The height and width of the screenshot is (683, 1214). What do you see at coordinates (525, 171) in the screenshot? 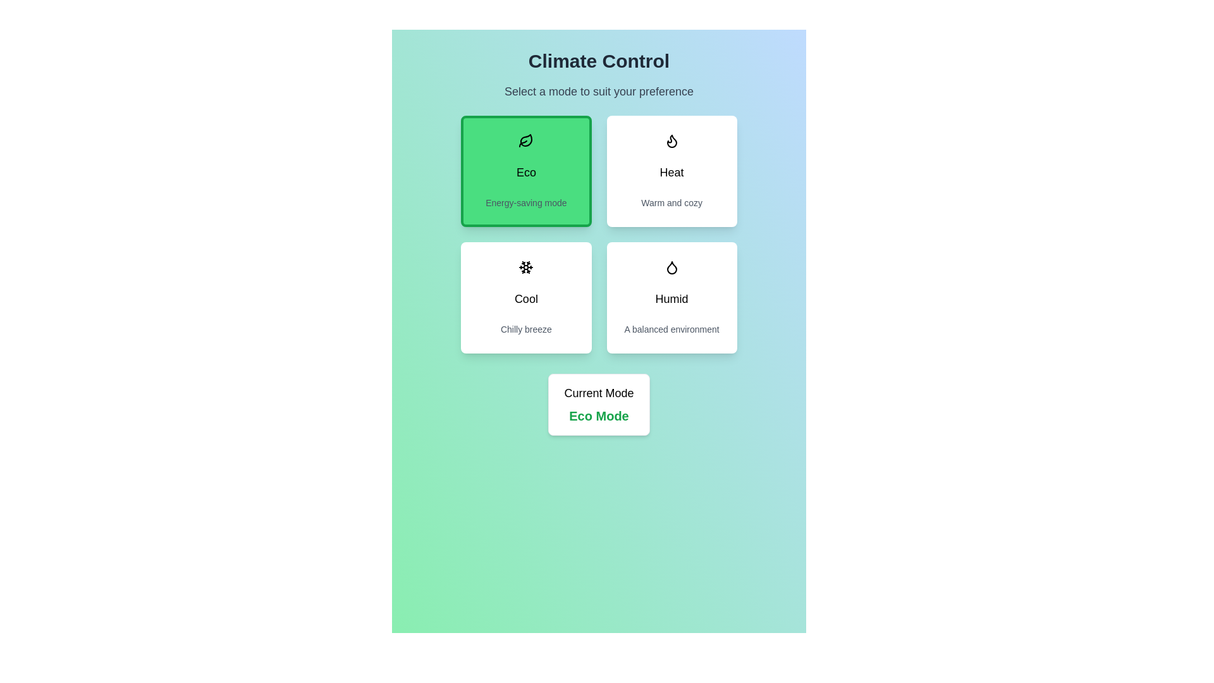
I see `the button corresponding to the mode Eco` at bounding box center [525, 171].